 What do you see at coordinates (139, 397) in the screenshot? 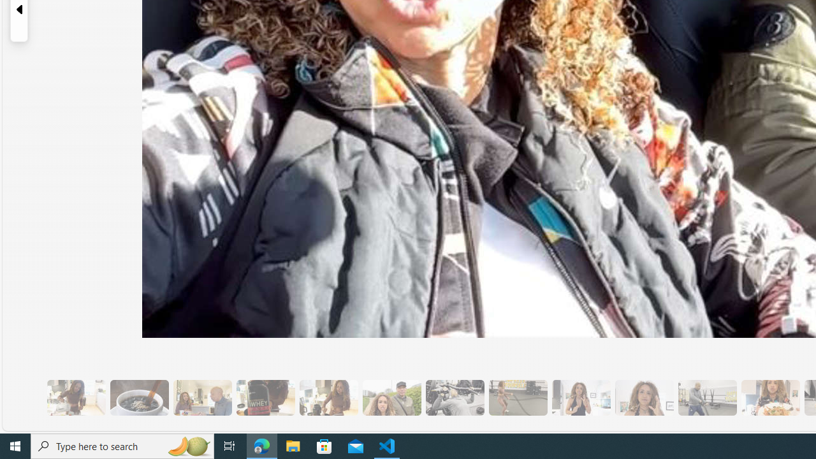
I see `'8 Be Mindful of Coffee'` at bounding box center [139, 397].